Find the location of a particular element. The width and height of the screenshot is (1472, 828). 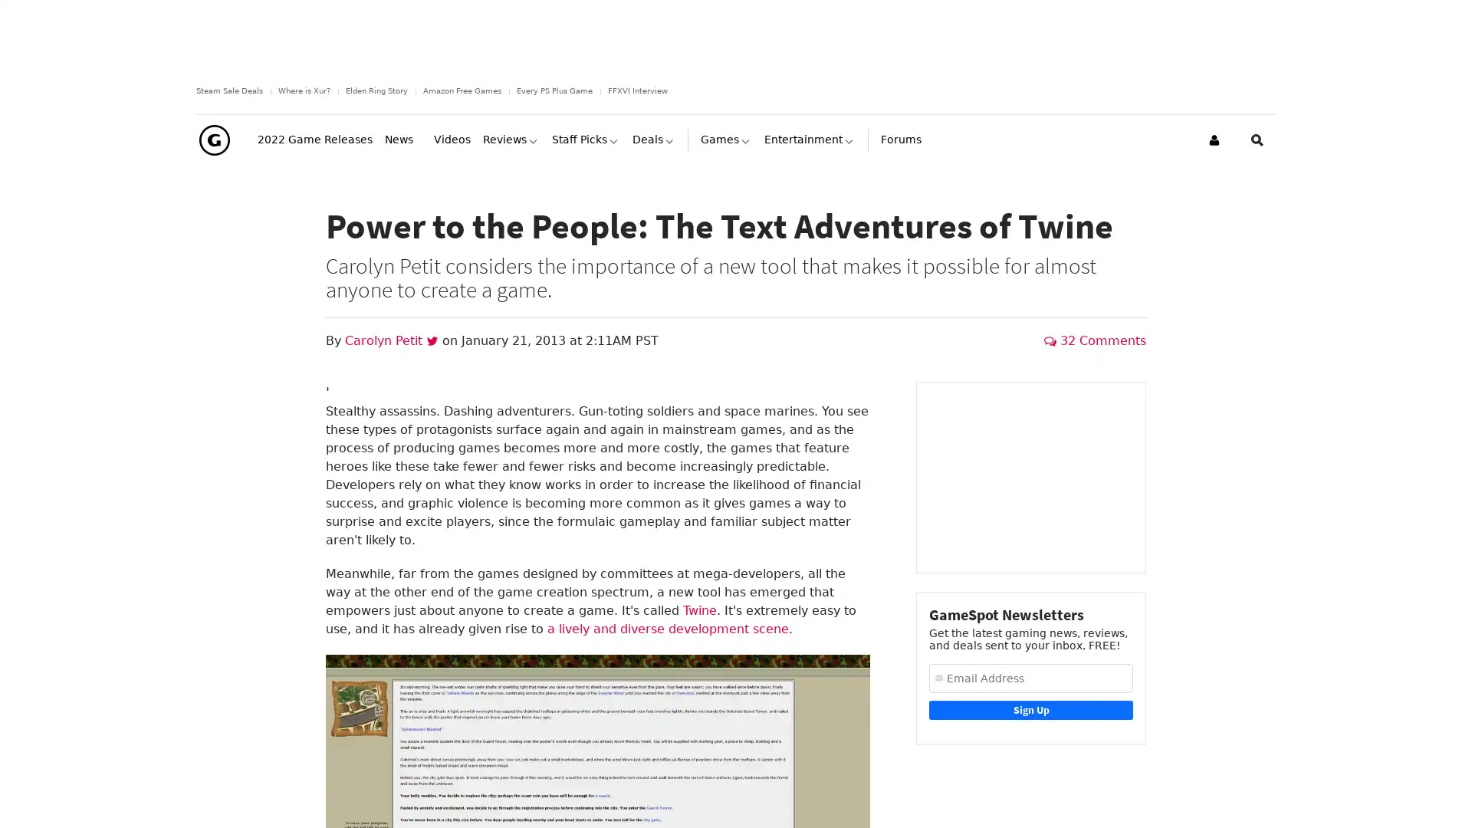

Open Site Search is located at coordinates (1257, 146).